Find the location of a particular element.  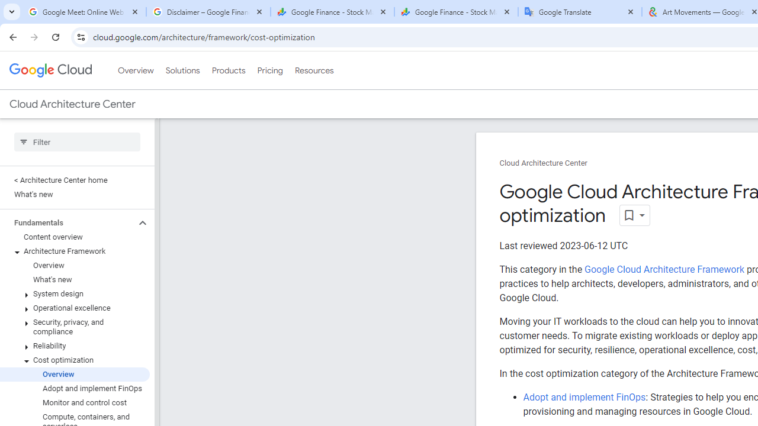

'What' is located at coordinates (74, 280).